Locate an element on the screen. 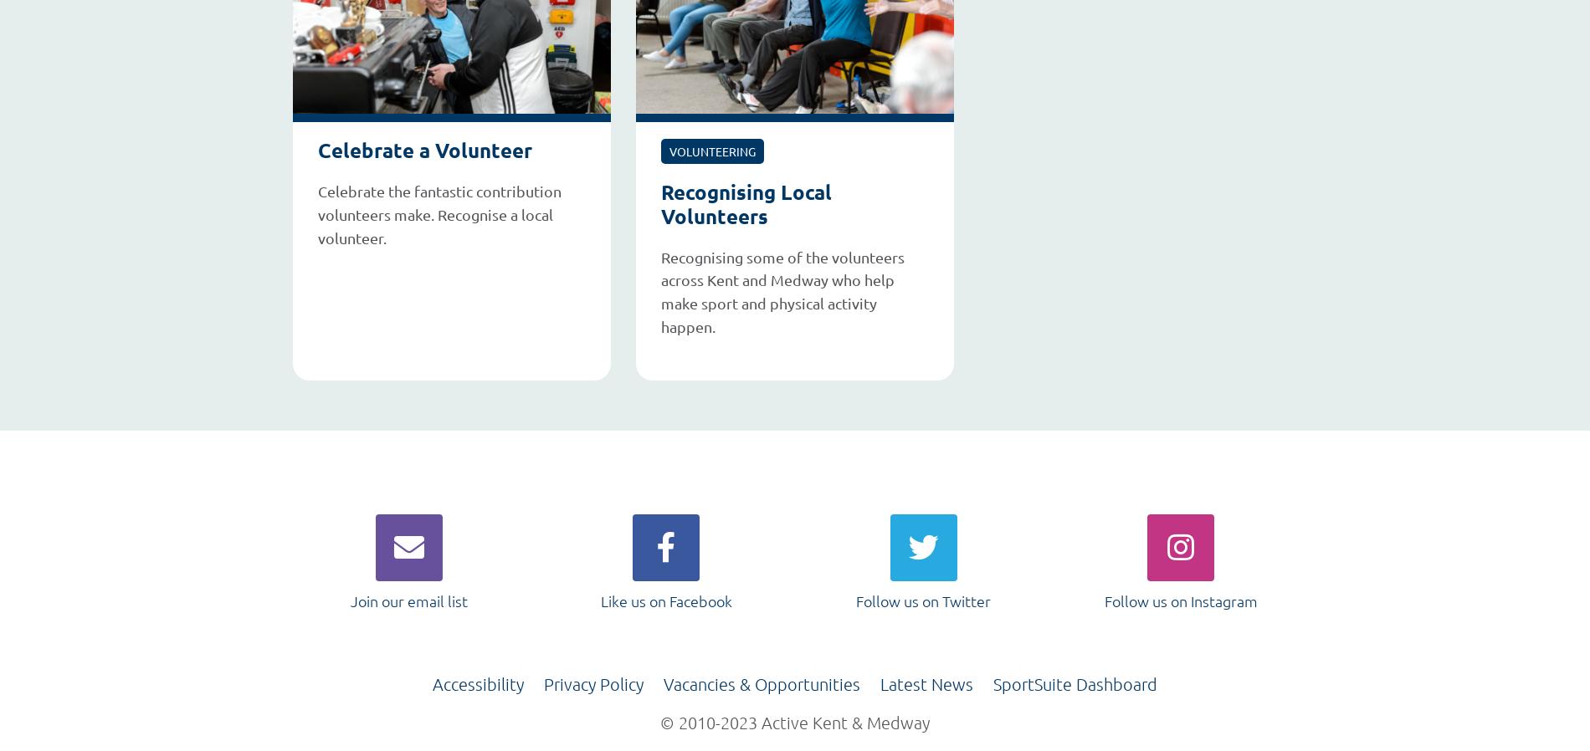 The width and height of the screenshot is (1590, 751). 'Volunteering' is located at coordinates (711, 149).